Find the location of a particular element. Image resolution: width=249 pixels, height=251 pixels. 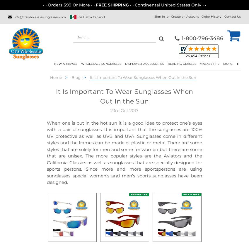

'FREE SHIPPING' is located at coordinates (113, 5).